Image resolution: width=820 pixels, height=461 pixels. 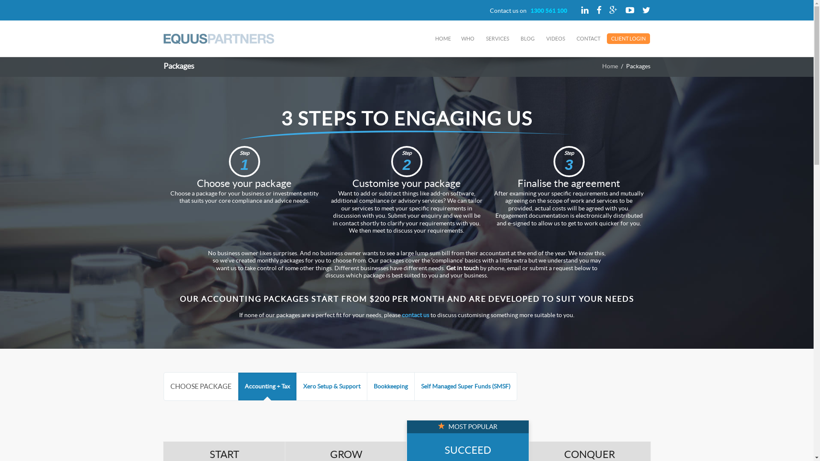 What do you see at coordinates (416, 315) in the screenshot?
I see `'contact us'` at bounding box center [416, 315].